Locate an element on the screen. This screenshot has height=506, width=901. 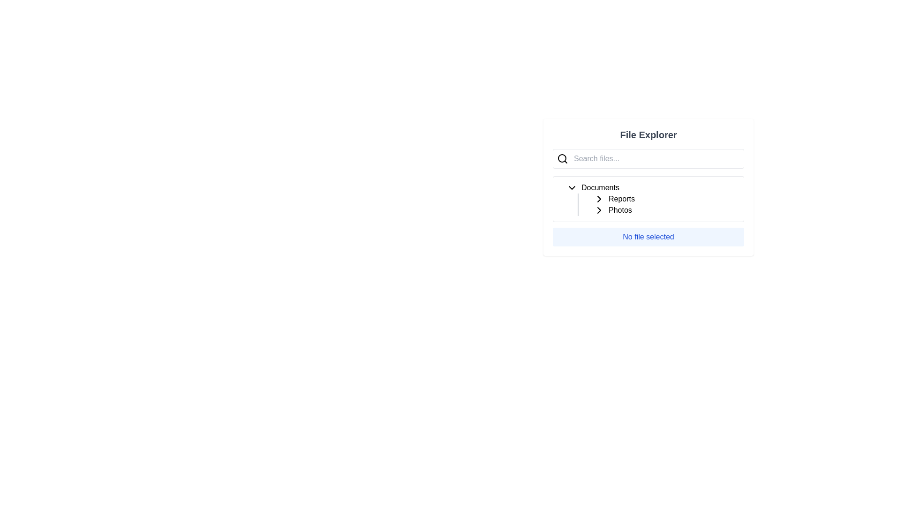
the 'Documents' folder label in the file explorer is located at coordinates (599, 188).